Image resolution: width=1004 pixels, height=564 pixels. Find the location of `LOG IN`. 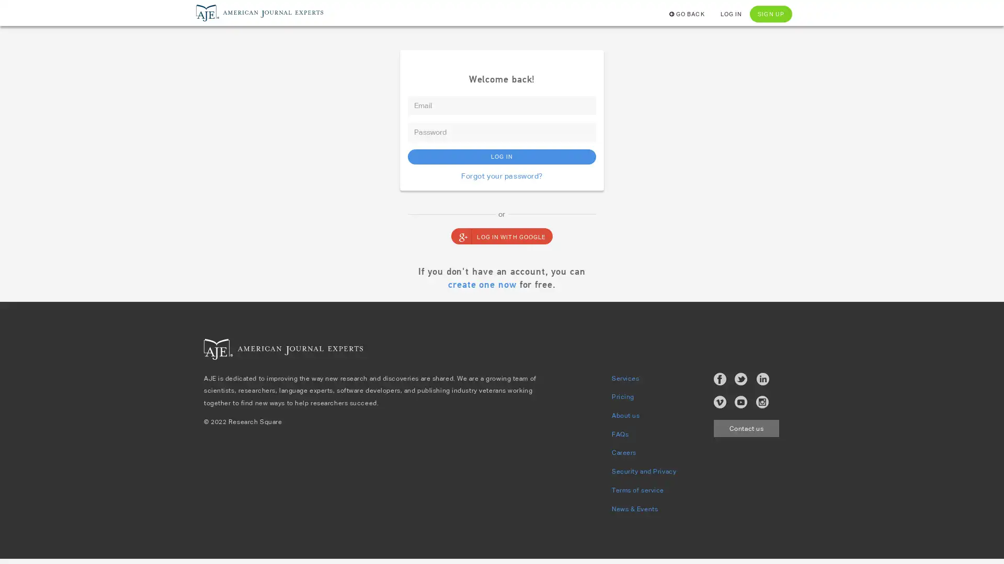

LOG IN is located at coordinates (502, 157).